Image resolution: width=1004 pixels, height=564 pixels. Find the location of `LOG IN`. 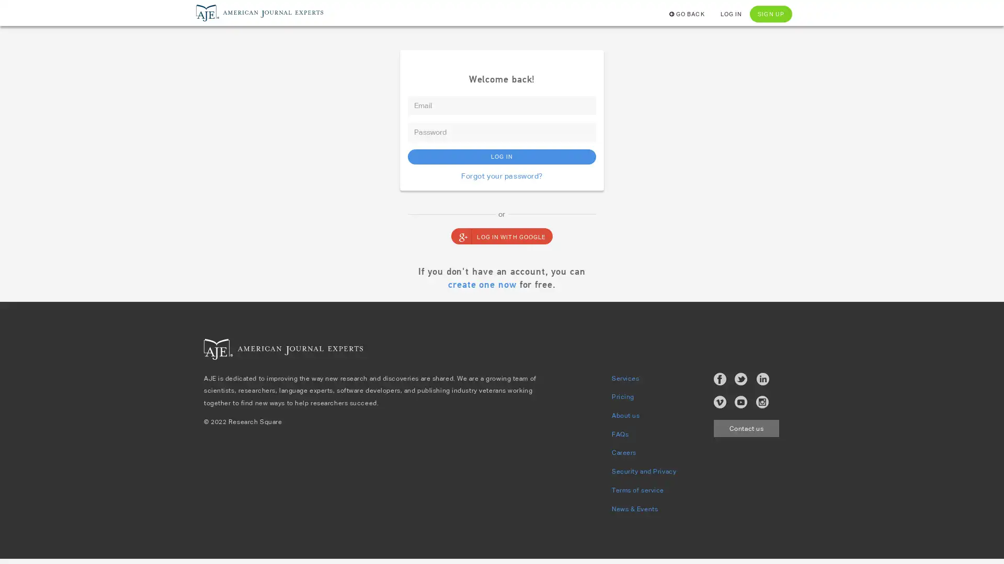

LOG IN is located at coordinates (502, 157).